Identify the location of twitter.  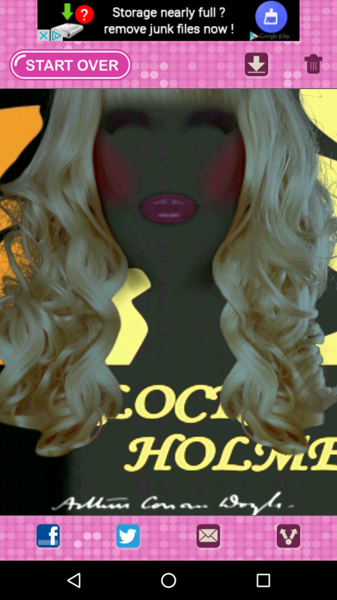
(128, 537).